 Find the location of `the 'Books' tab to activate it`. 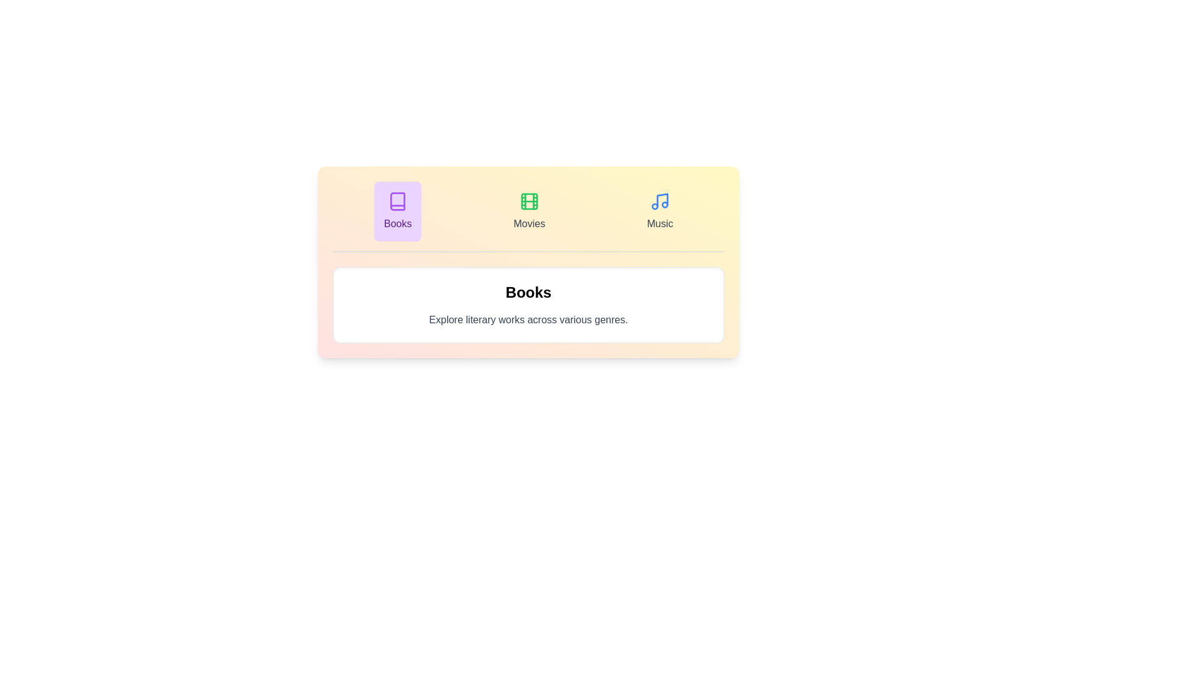

the 'Books' tab to activate it is located at coordinates (397, 211).